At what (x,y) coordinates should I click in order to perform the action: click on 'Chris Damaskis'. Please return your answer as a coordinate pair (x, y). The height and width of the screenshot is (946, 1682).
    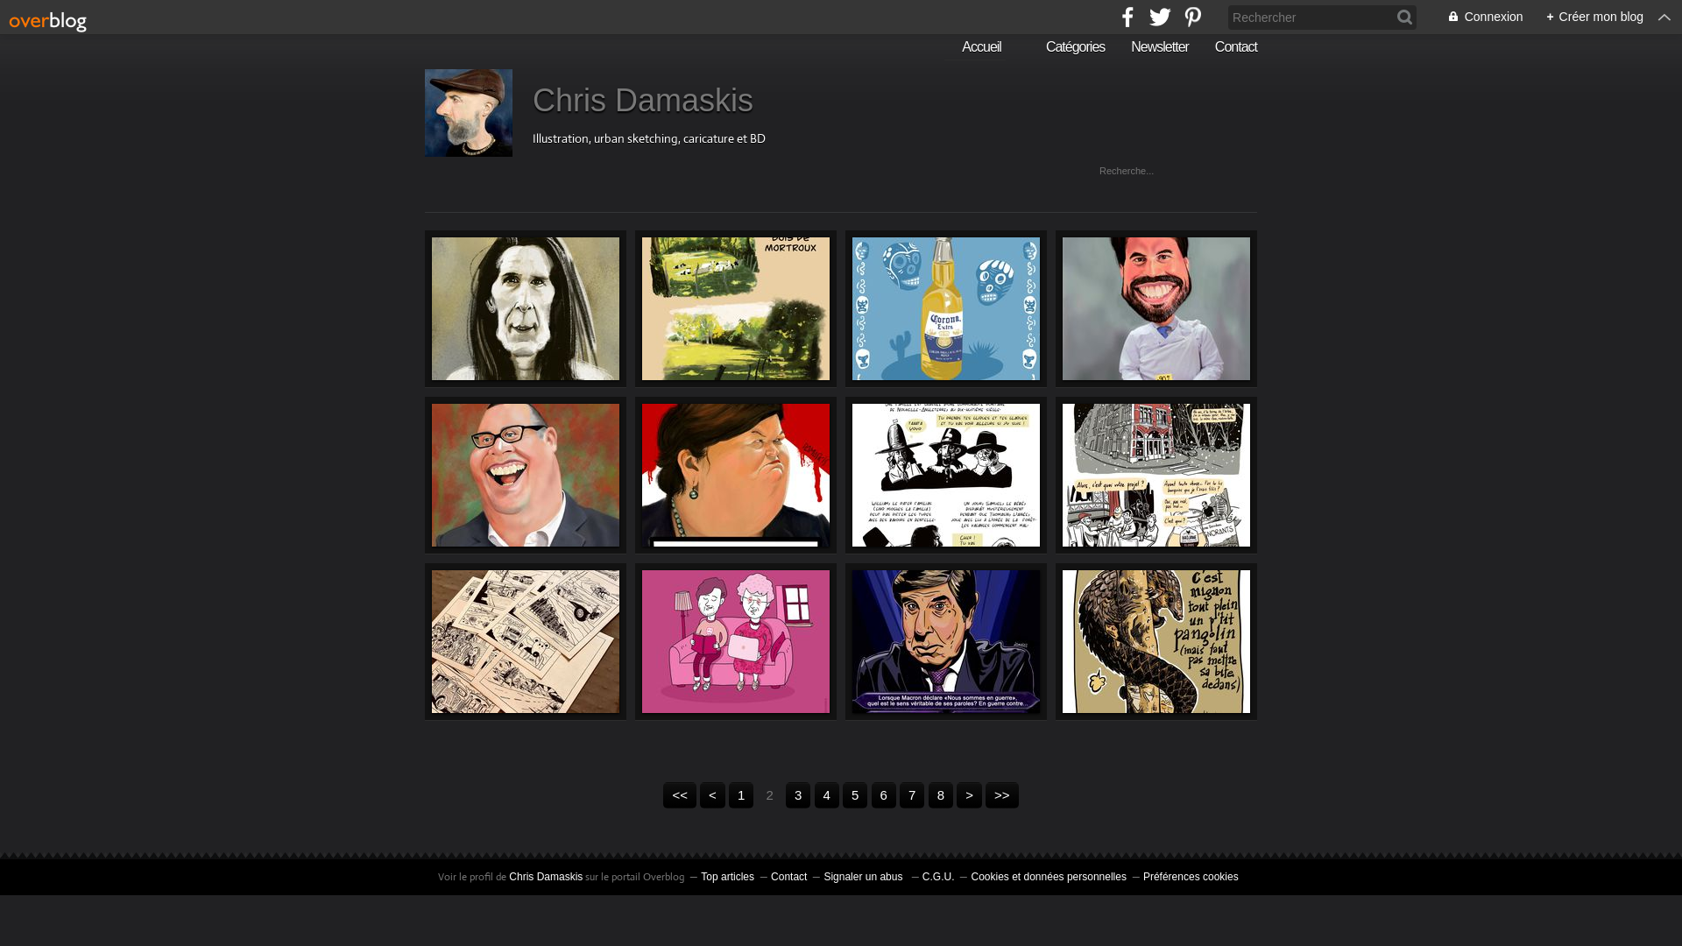
    Looking at the image, I should click on (545, 877).